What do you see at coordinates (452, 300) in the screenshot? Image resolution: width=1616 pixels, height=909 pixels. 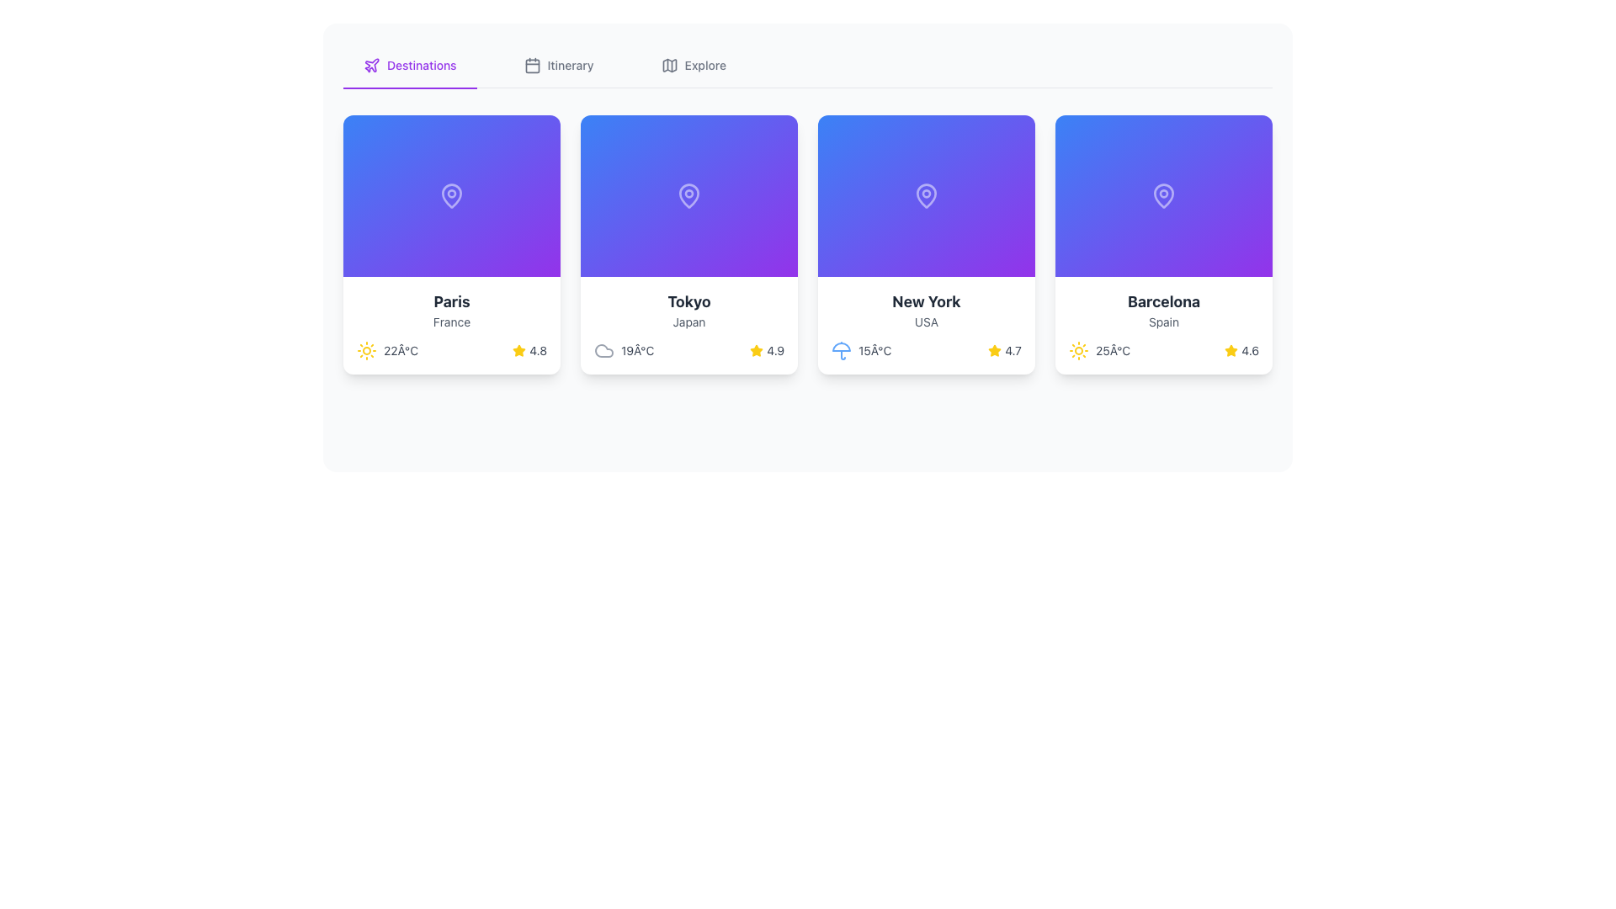 I see `text label displaying 'Paris' which is positioned centrally below the graphical representation of the city in the first city card` at bounding box center [452, 300].